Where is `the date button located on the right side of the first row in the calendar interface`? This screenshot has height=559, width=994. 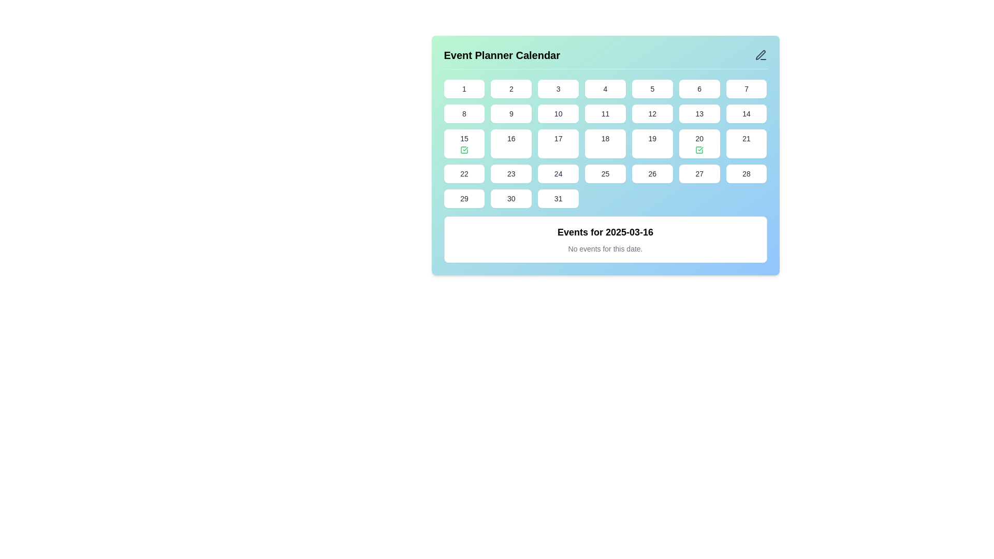
the date button located on the right side of the first row in the calendar interface is located at coordinates (747, 89).